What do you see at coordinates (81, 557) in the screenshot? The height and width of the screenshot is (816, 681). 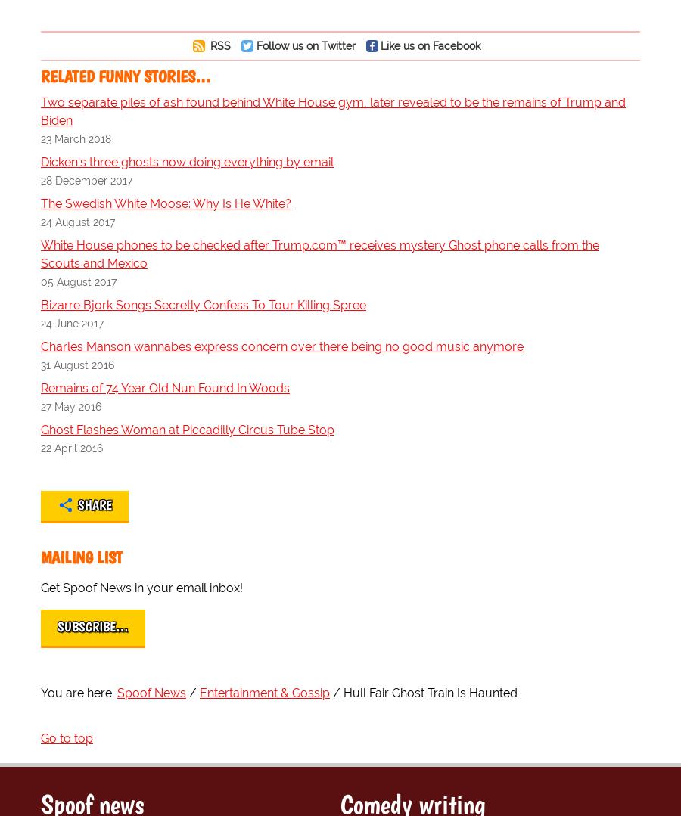 I see `'Mailing List'` at bounding box center [81, 557].